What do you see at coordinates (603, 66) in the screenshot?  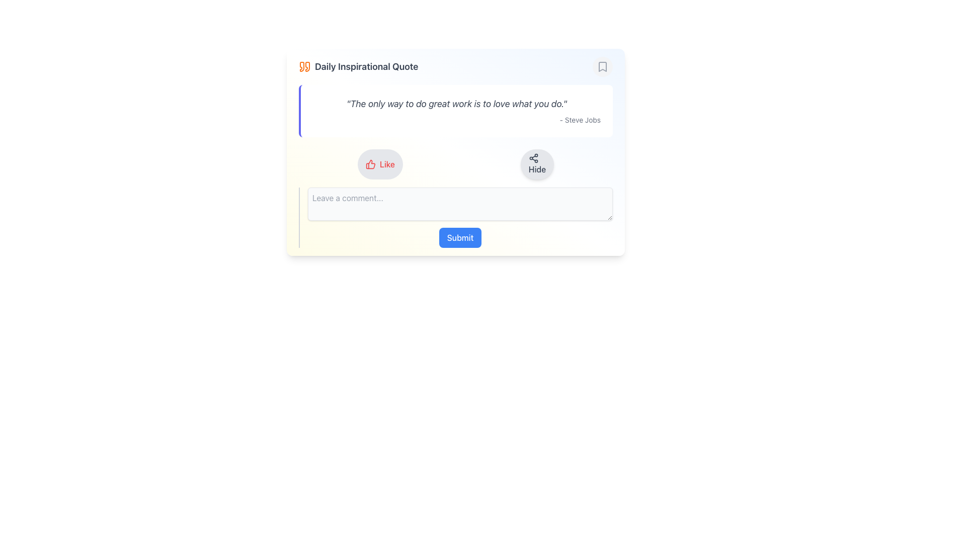 I see `the bookmark icon, which is a downwards-pointing chevron with a rectangular top section located to the far right of the 'Daily Inspirational Quote' box in the upper section of the interface` at bounding box center [603, 66].